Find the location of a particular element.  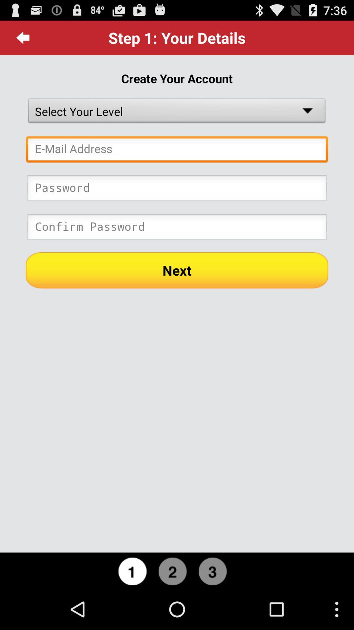

the next icon is located at coordinates (177, 270).